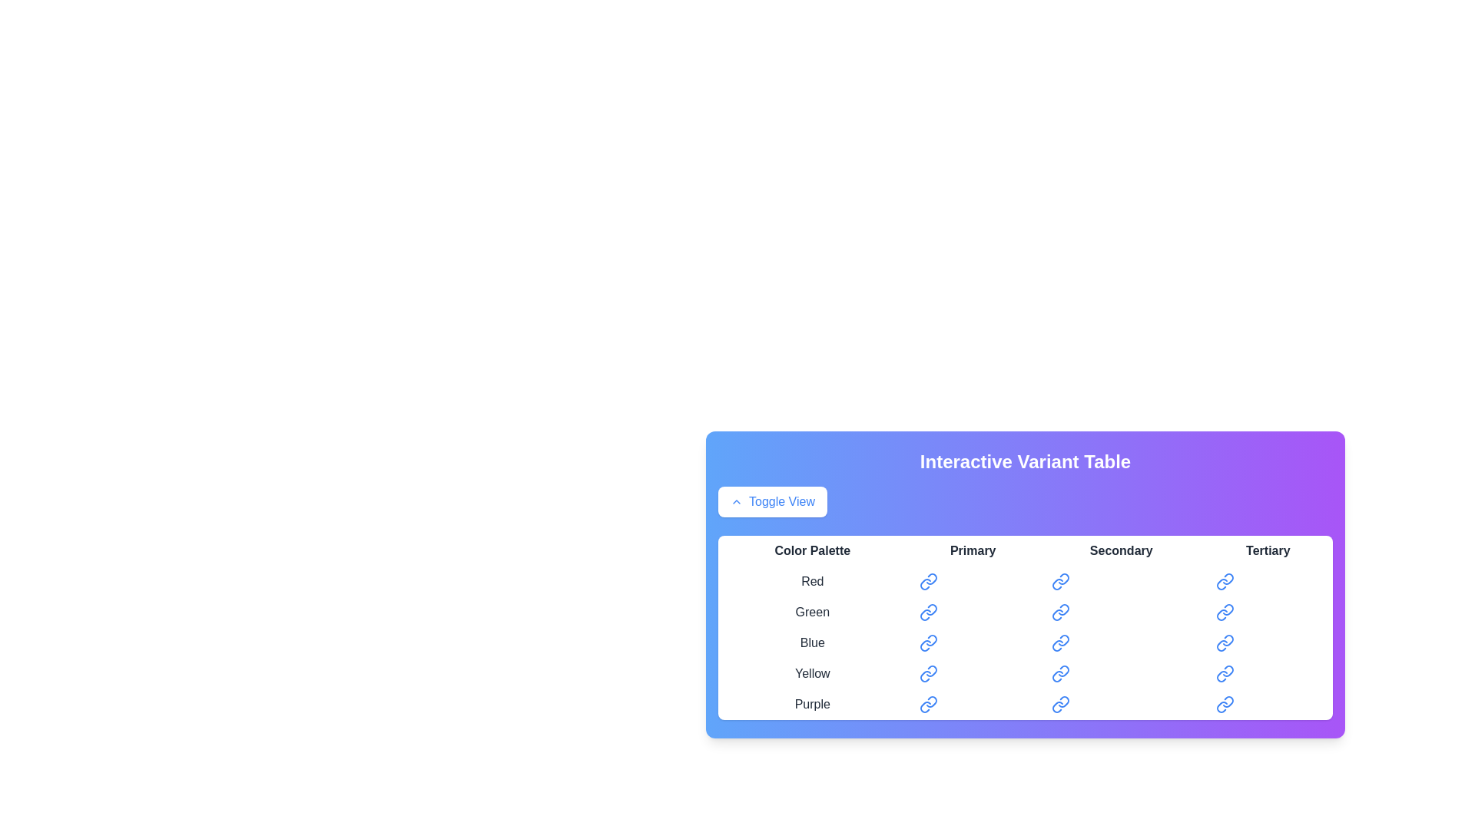 The image size is (1475, 829). What do you see at coordinates (1056, 584) in the screenshot?
I see `the blue chain link icon representing a hyperlink located in the 'Secondary' column of the 'Red' row in the 'Interactive Variant Table'` at bounding box center [1056, 584].